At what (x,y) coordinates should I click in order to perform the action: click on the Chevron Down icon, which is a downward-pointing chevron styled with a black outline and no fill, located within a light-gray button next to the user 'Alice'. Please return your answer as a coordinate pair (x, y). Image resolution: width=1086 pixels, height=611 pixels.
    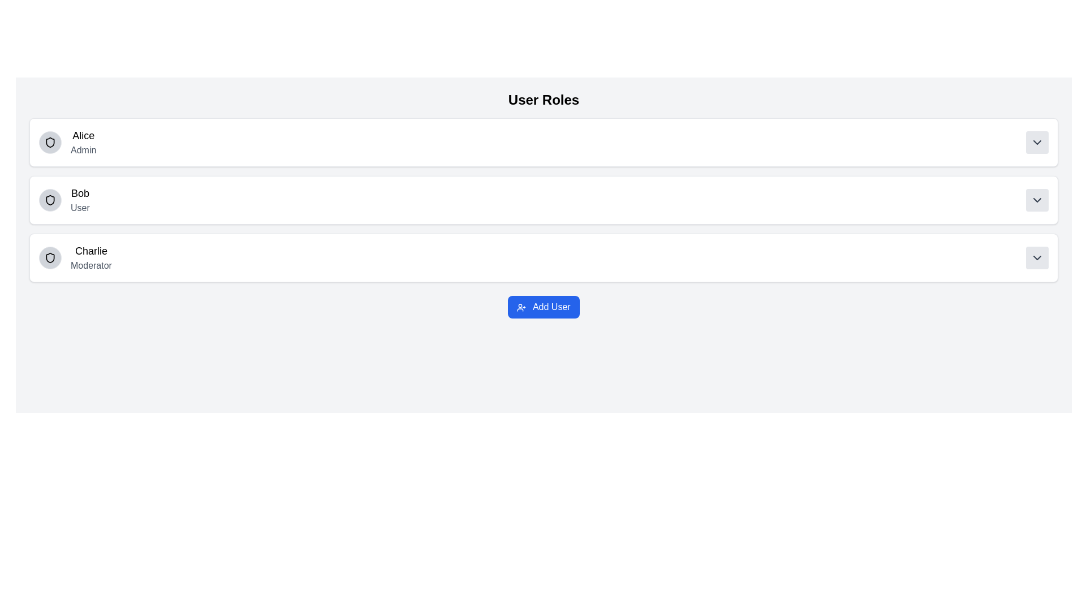
    Looking at the image, I should click on (1037, 141).